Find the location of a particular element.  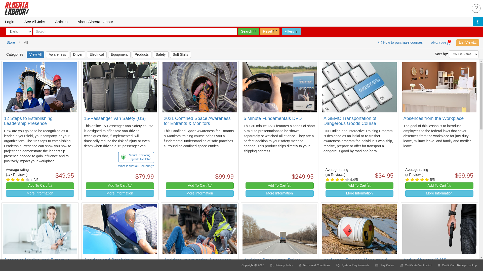

'Privacy Policy' is located at coordinates (282, 265).